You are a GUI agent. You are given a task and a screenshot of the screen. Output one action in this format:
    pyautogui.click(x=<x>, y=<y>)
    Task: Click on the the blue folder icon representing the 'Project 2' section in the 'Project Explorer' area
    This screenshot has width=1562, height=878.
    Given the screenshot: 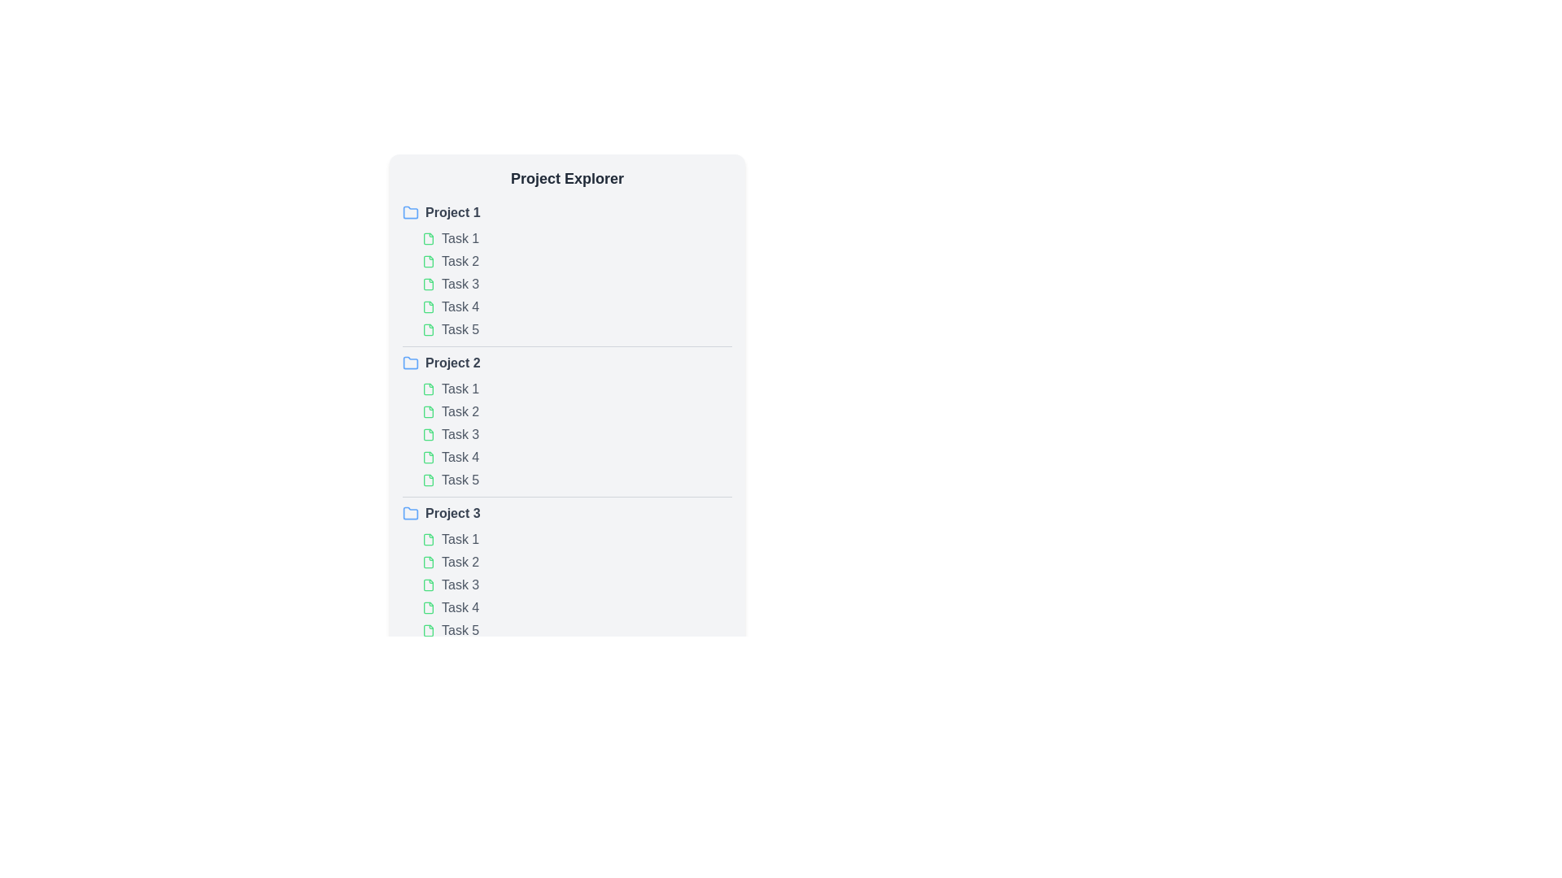 What is the action you would take?
    pyautogui.click(x=410, y=362)
    